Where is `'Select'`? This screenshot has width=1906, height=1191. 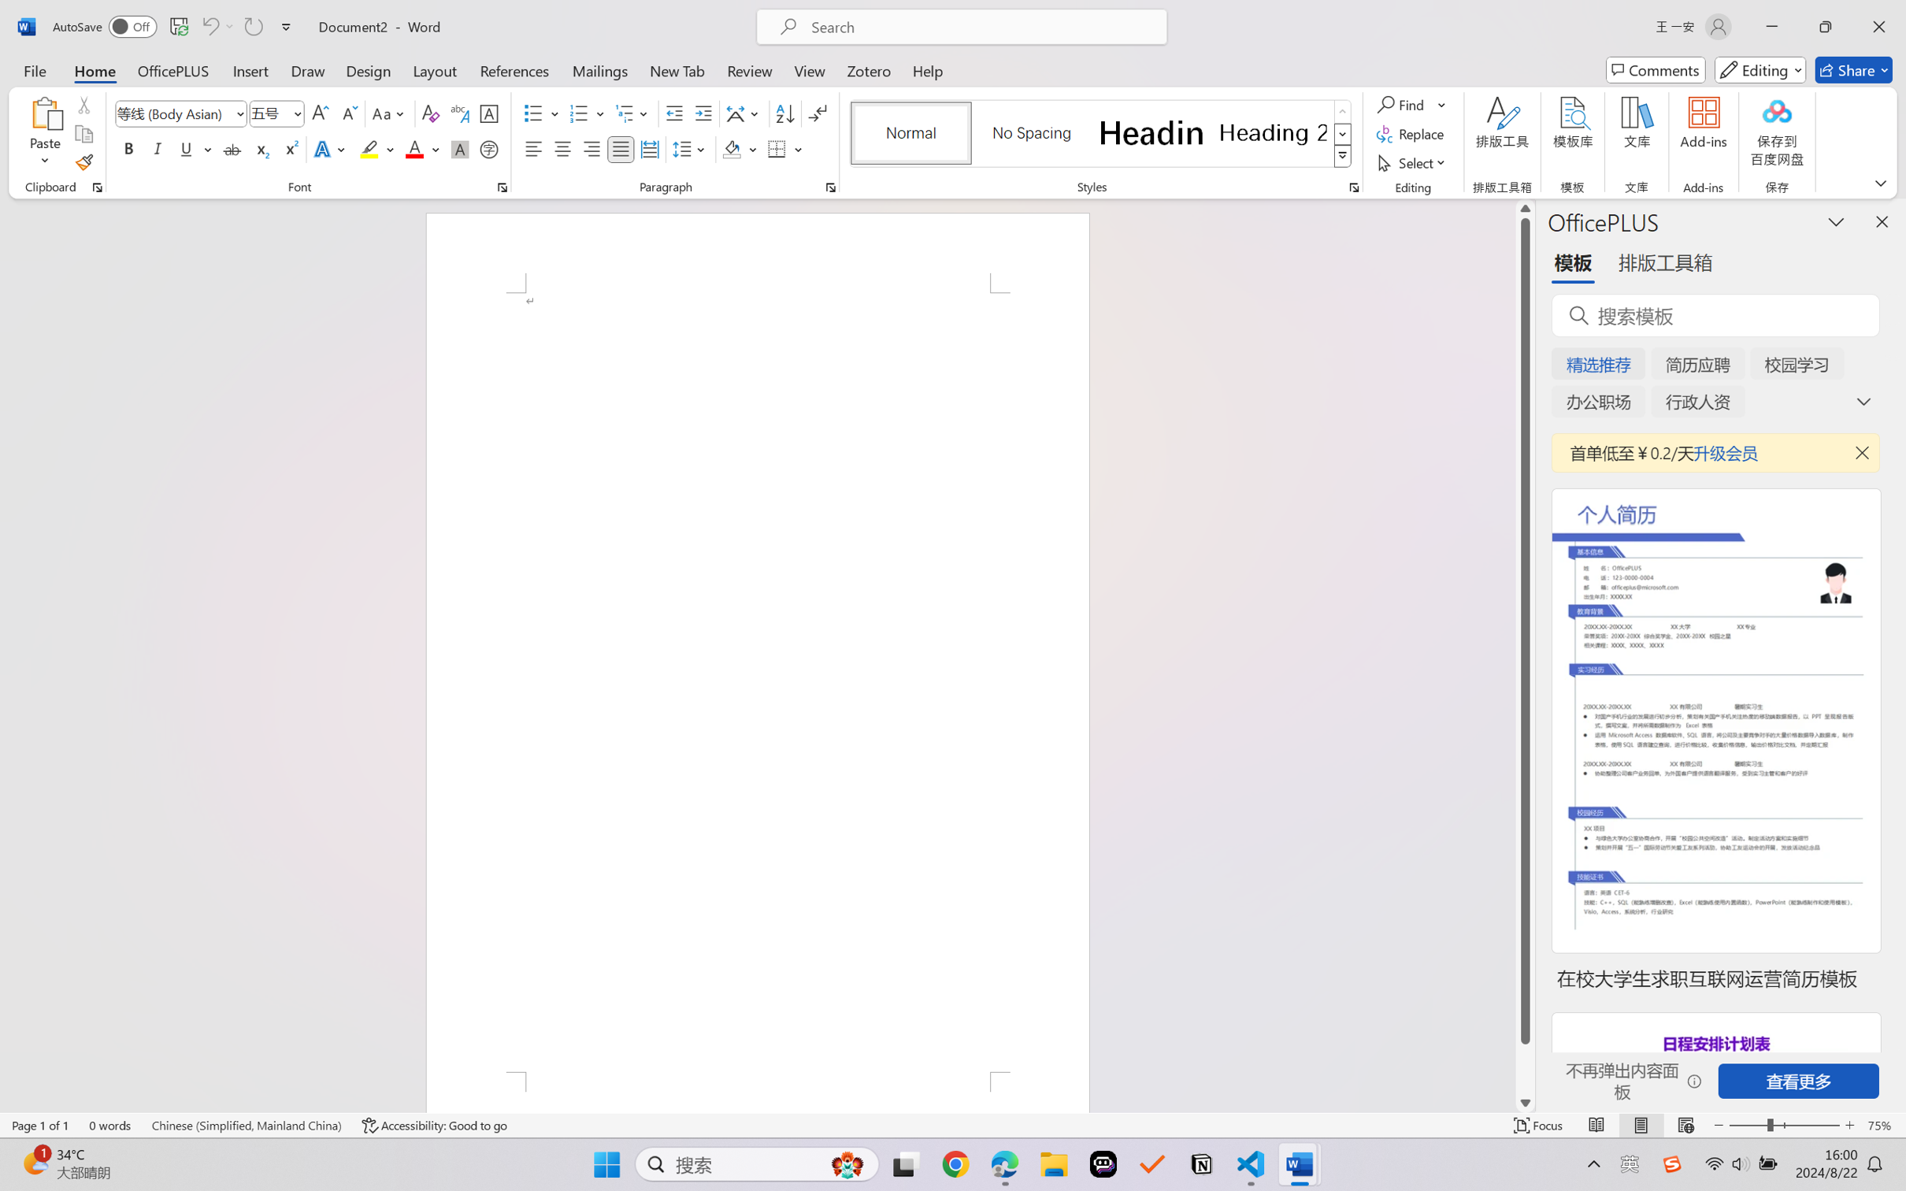 'Select' is located at coordinates (1414, 163).